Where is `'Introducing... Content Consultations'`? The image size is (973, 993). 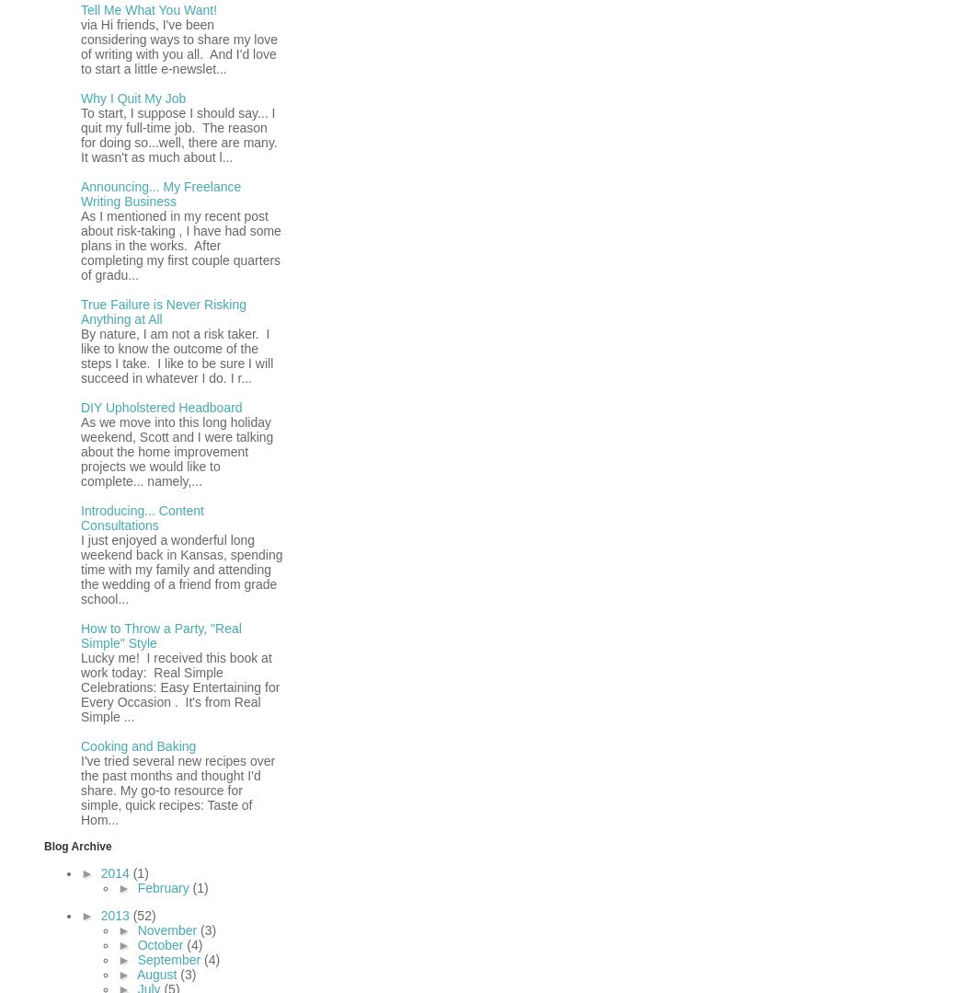
'Introducing... Content Consultations' is located at coordinates (141, 516).